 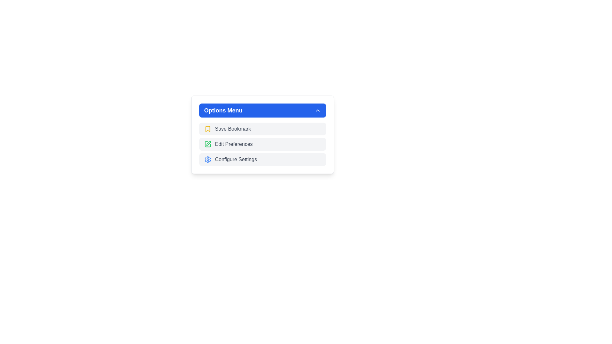 What do you see at coordinates (208, 159) in the screenshot?
I see `the 'Configure Settings' icon located in the dropdown menu titled 'Options Menu', which is positioned to the left of the 'Configure Settings' text` at bounding box center [208, 159].